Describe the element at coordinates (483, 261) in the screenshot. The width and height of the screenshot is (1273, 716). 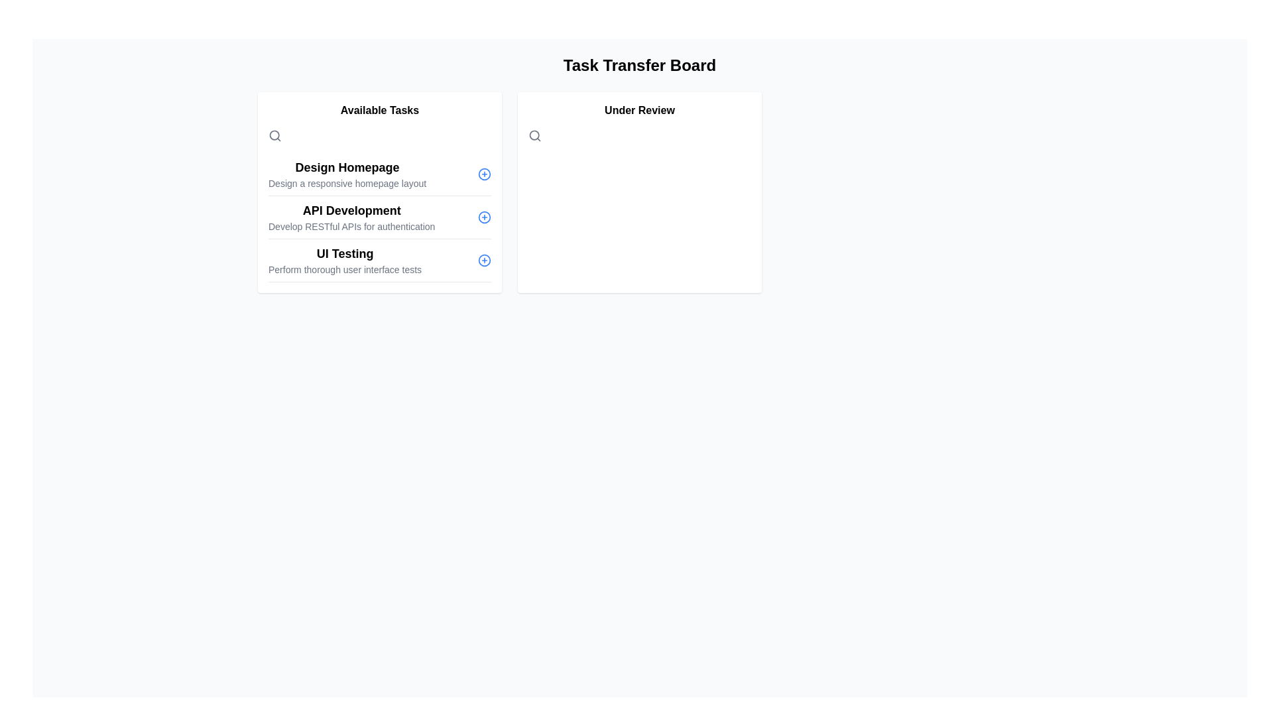
I see `the button located in the 'Available Tasks' section, aligned to the right of the 'UI Testing' item` at that location.